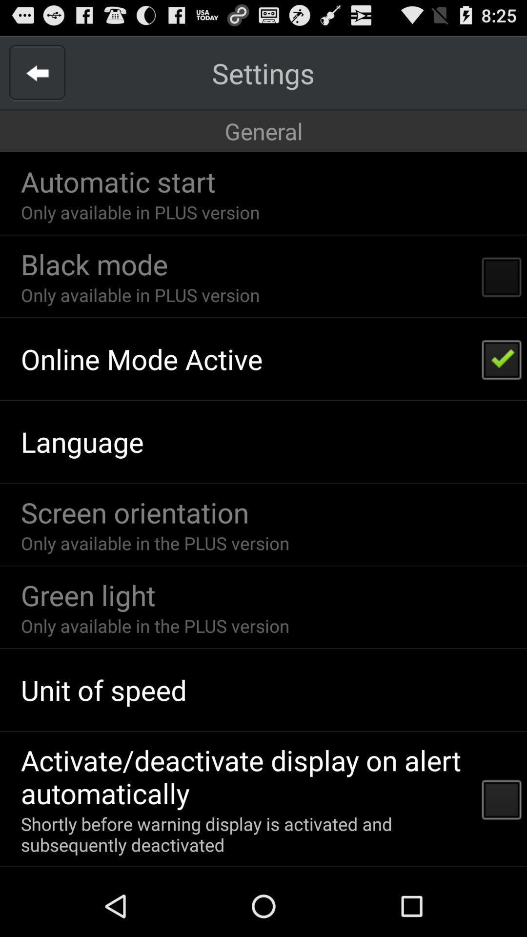 Image resolution: width=527 pixels, height=937 pixels. Describe the element at coordinates (142, 358) in the screenshot. I see `the online mode active` at that location.